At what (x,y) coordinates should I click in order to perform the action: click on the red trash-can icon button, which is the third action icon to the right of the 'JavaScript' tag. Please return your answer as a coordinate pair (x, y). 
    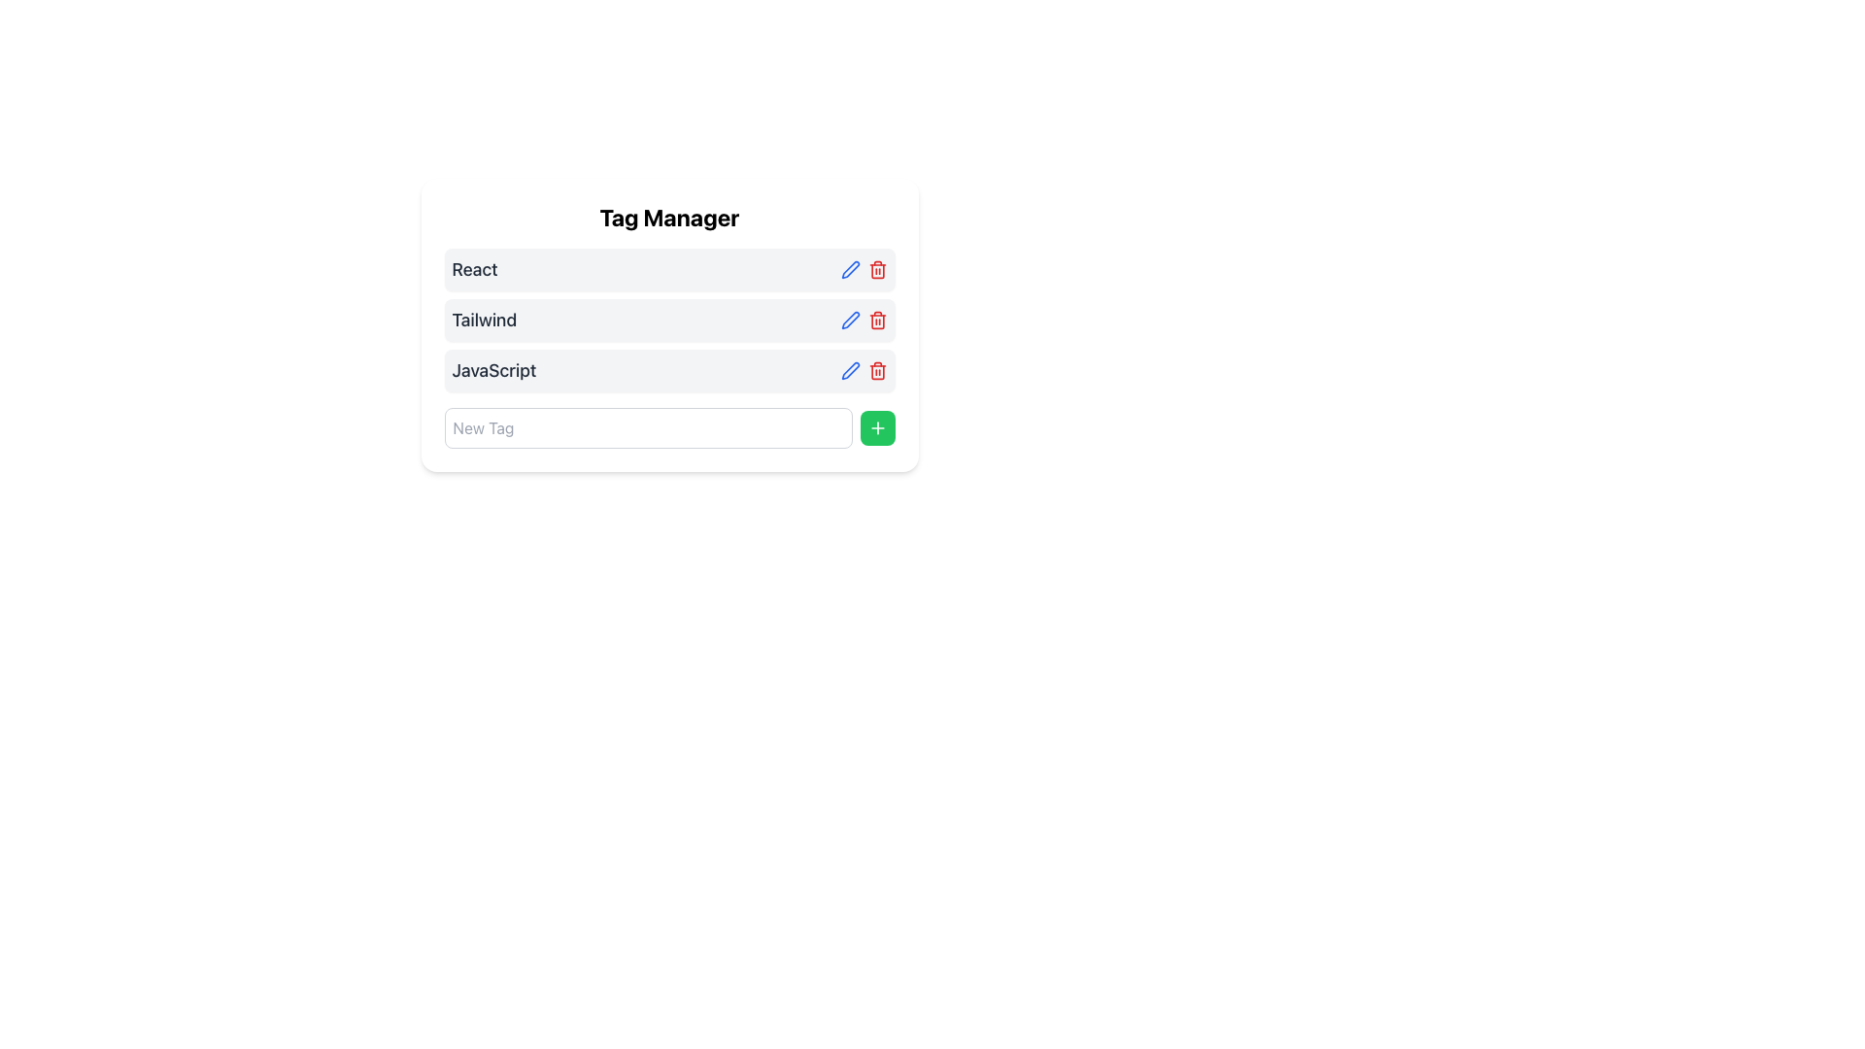
    Looking at the image, I should click on (876, 370).